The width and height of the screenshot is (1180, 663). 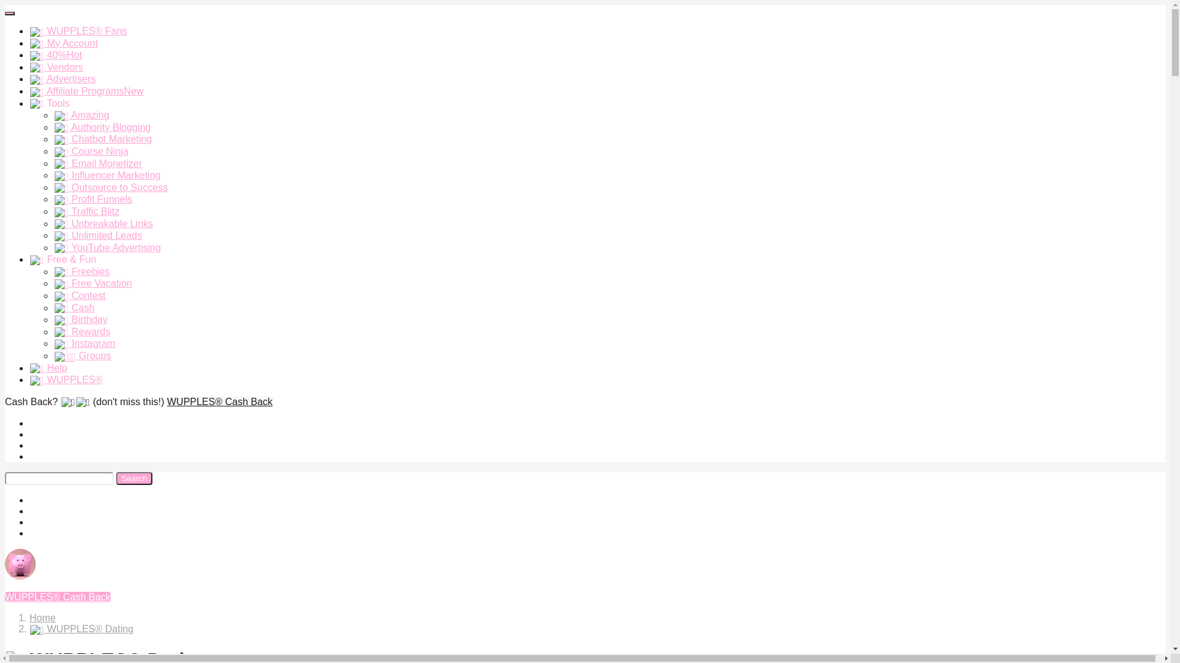 What do you see at coordinates (107, 175) in the screenshot?
I see `'Influencer Marketing'` at bounding box center [107, 175].